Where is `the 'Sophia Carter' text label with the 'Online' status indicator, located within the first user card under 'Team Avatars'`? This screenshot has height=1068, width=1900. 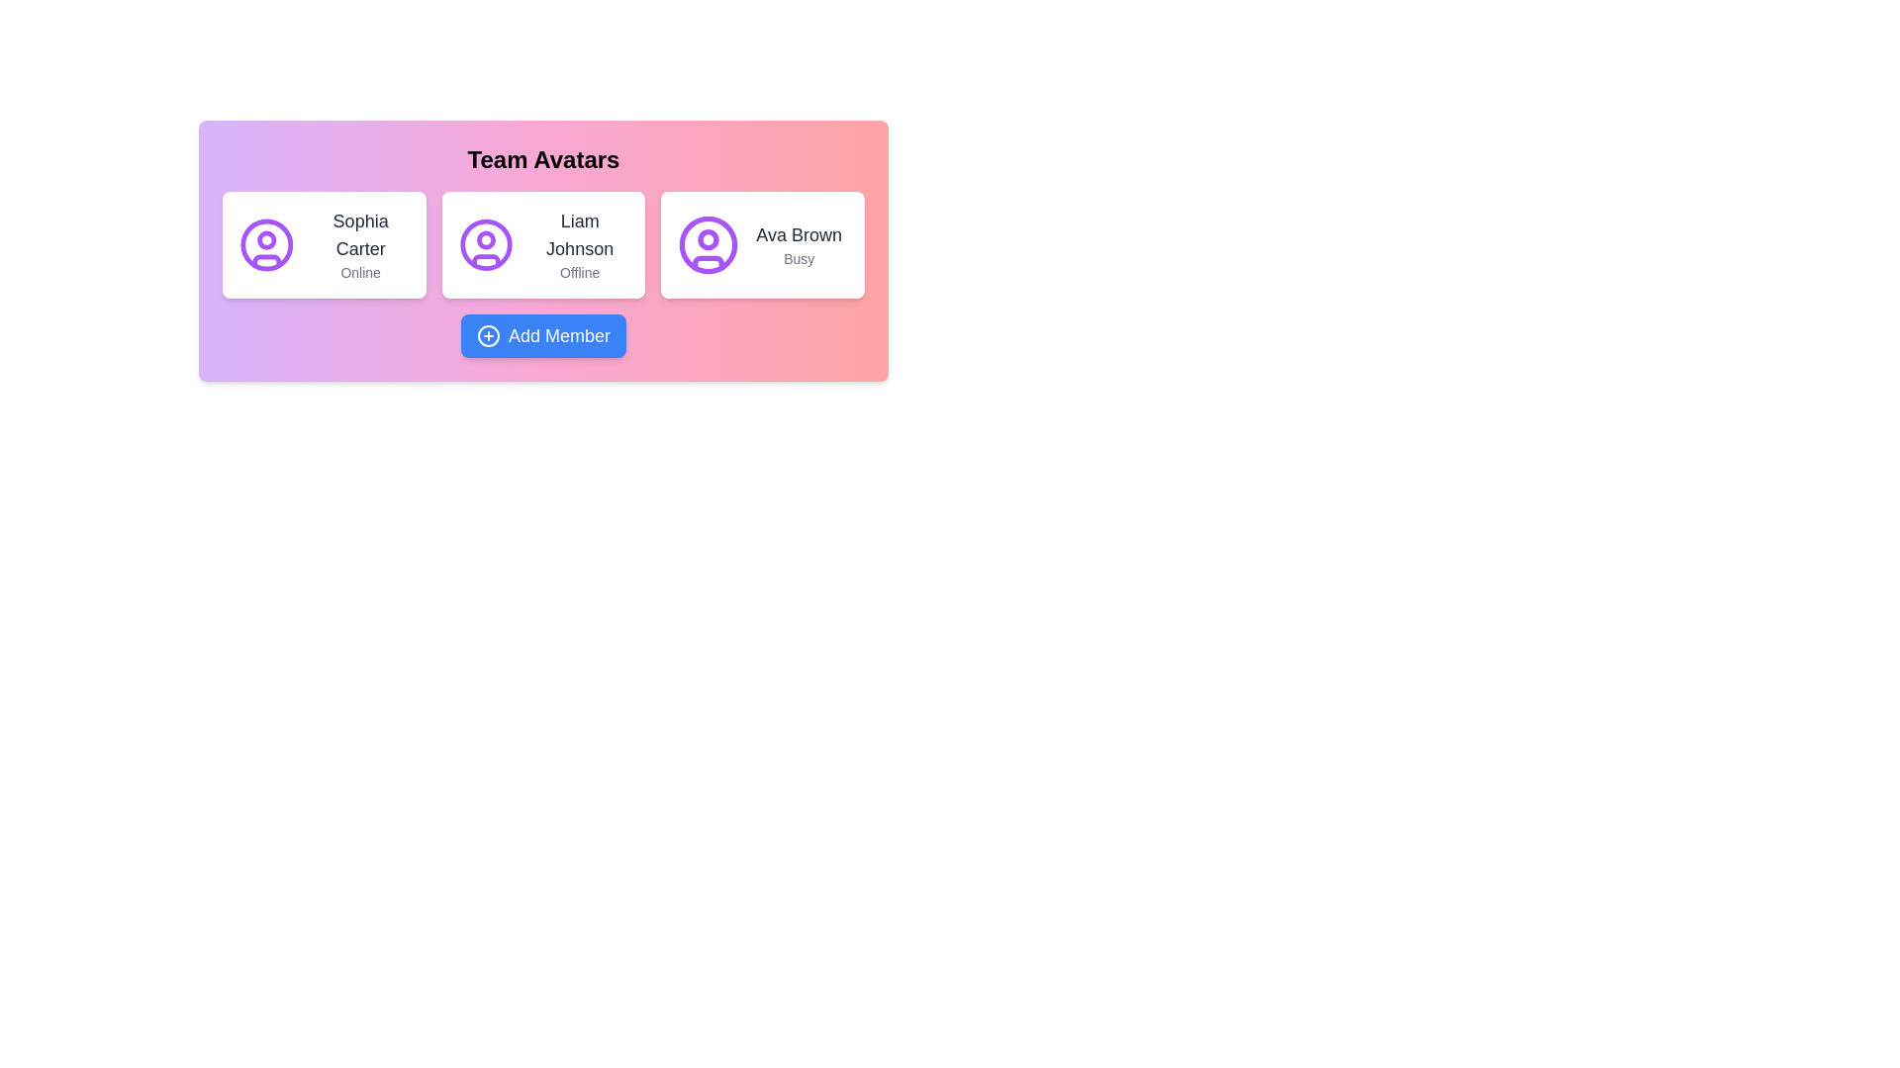 the 'Sophia Carter' text label with the 'Online' status indicator, located within the first user card under 'Team Avatars' is located at coordinates (360, 243).